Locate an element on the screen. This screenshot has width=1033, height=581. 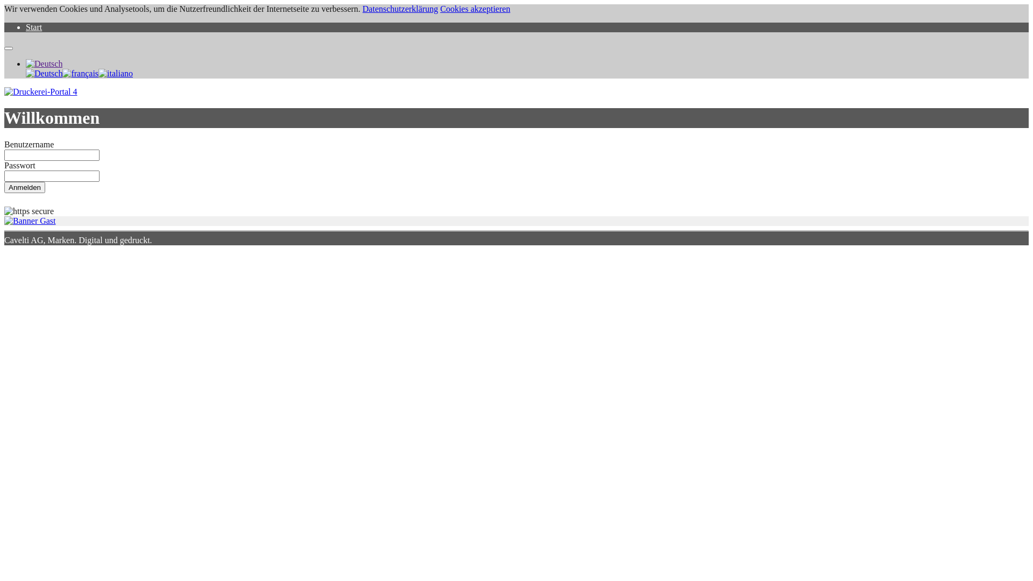
'Start' is located at coordinates (33, 26).